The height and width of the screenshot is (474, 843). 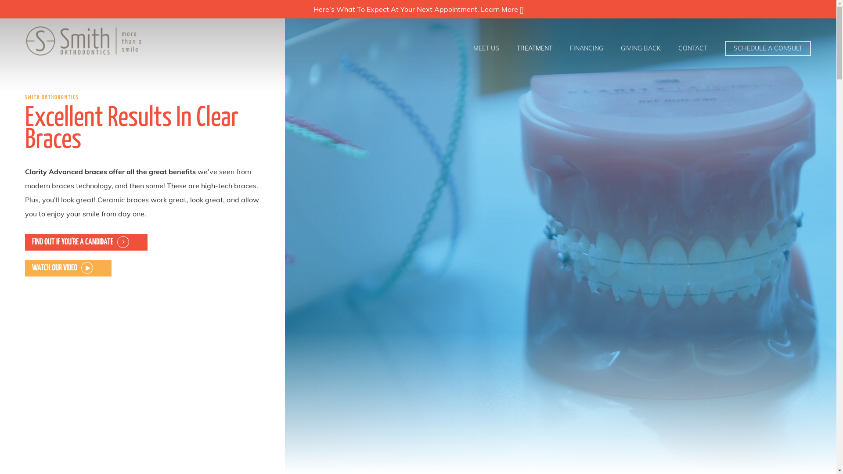 What do you see at coordinates (486, 47) in the screenshot?
I see `'MEET US'` at bounding box center [486, 47].